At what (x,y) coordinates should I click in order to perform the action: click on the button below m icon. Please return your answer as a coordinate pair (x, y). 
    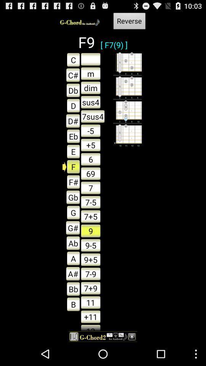
    Looking at the image, I should click on (90, 88).